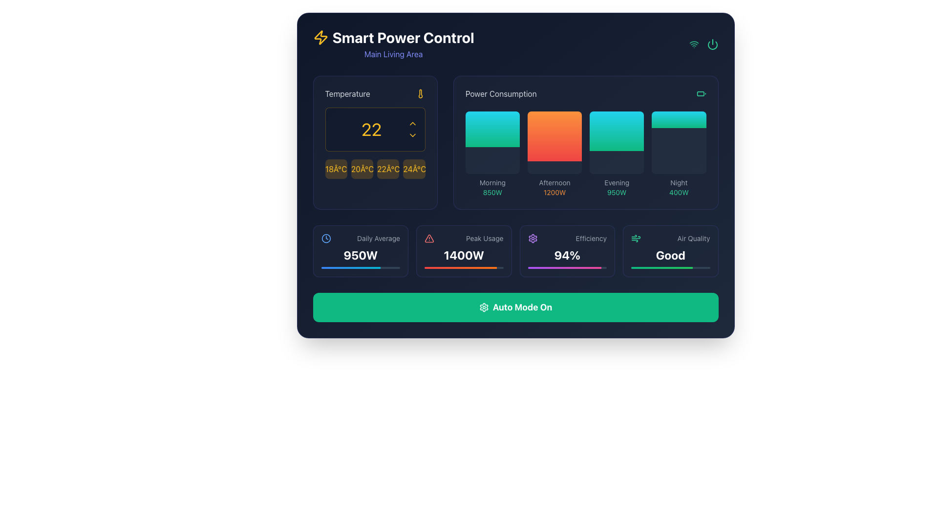  Describe the element at coordinates (678, 192) in the screenshot. I see `the text label displaying '400W', which is in a medium font size and has a greenish emerald hue, located in the rightmost position of the Power Consumption panel` at that location.